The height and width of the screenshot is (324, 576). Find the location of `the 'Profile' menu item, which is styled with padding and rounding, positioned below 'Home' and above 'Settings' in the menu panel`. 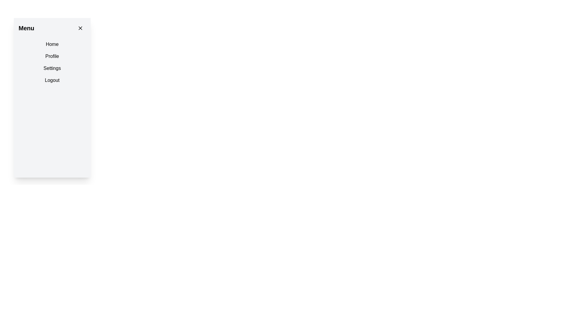

the 'Profile' menu item, which is styled with padding and rounding, positioned below 'Home' and above 'Settings' in the menu panel is located at coordinates (52, 56).